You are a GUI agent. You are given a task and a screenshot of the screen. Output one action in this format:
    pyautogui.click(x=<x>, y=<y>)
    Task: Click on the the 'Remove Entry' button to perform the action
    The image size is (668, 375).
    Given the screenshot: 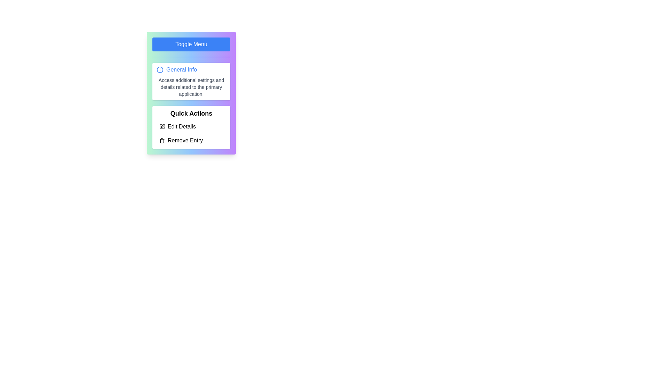 What is the action you would take?
    pyautogui.click(x=191, y=141)
    